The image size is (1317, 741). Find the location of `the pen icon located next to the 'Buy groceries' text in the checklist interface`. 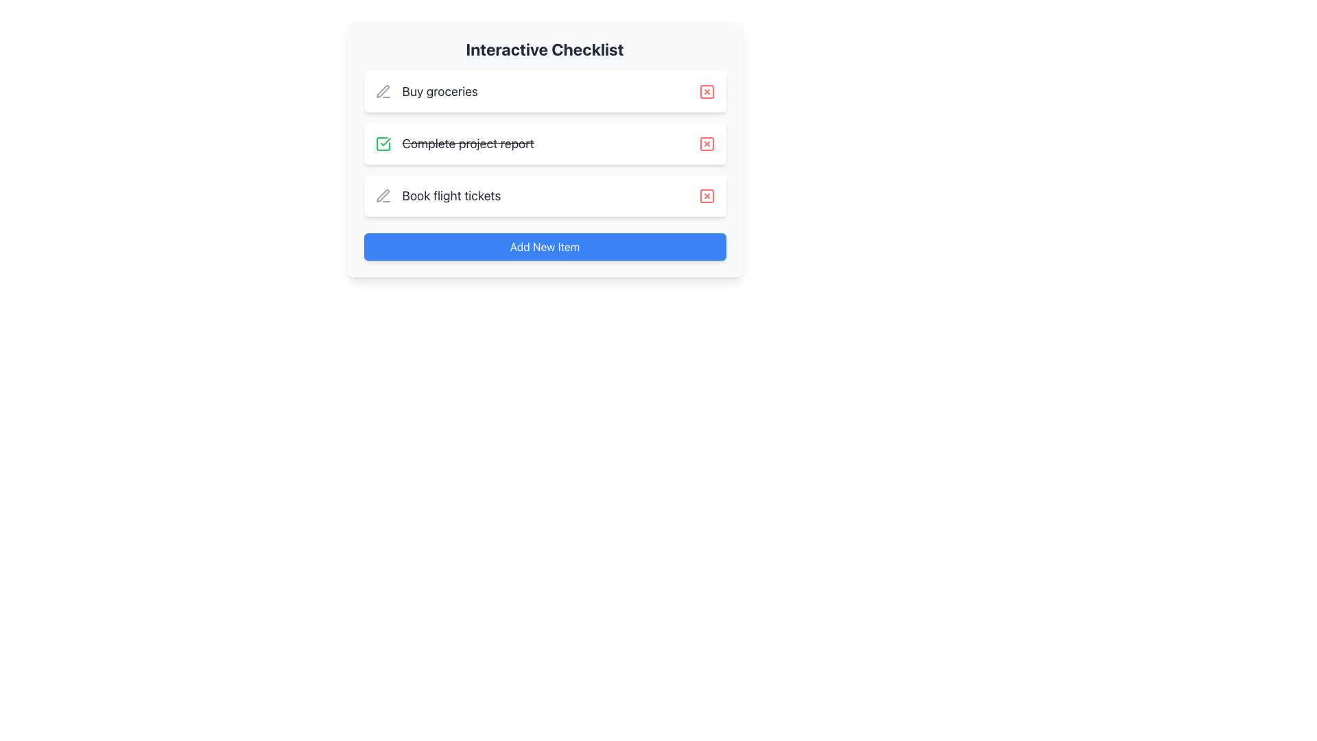

the pen icon located next to the 'Buy groceries' text in the checklist interface is located at coordinates (382, 196).